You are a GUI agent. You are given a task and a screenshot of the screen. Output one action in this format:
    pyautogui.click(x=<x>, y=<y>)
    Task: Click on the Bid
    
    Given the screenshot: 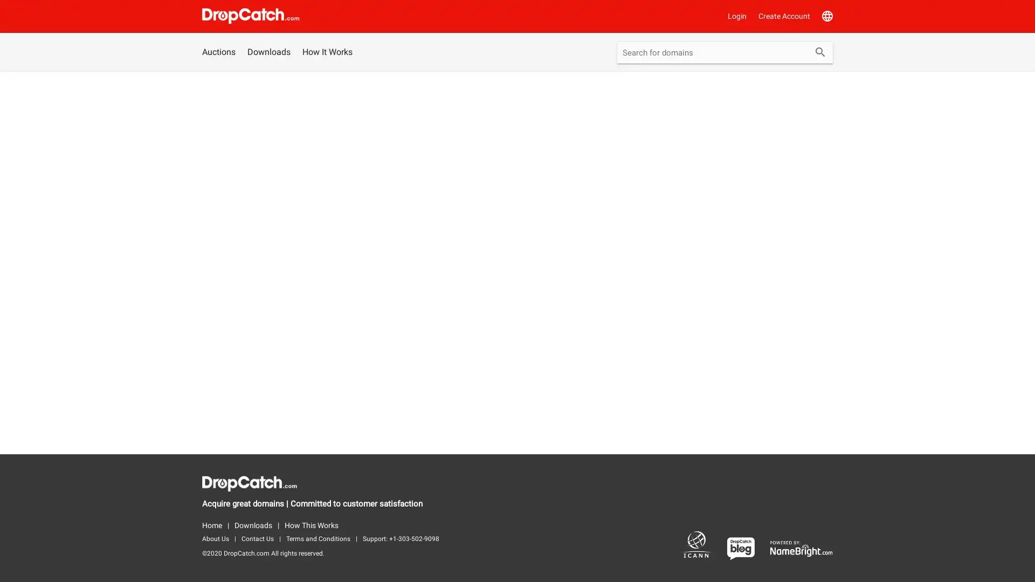 What is the action you would take?
    pyautogui.click(x=810, y=532)
    